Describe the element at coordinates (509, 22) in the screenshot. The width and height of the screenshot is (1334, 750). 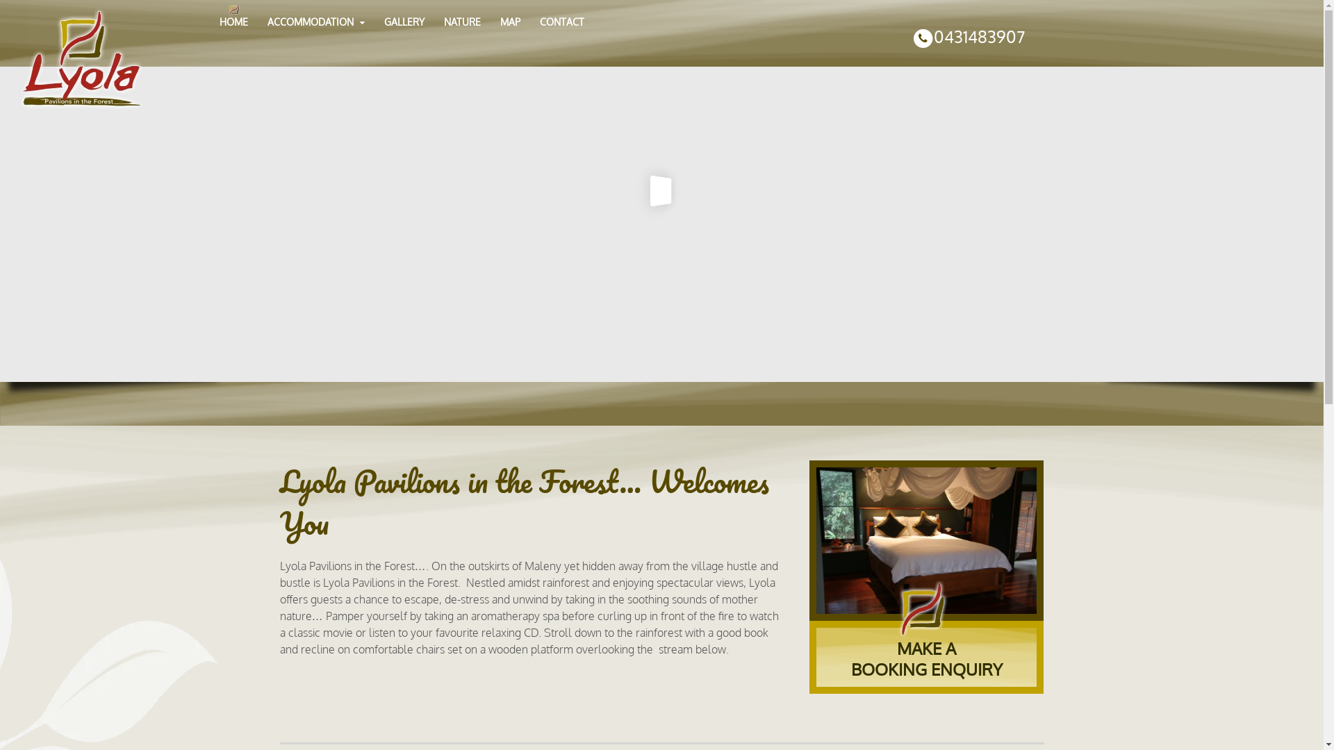
I see `'MAP'` at that location.